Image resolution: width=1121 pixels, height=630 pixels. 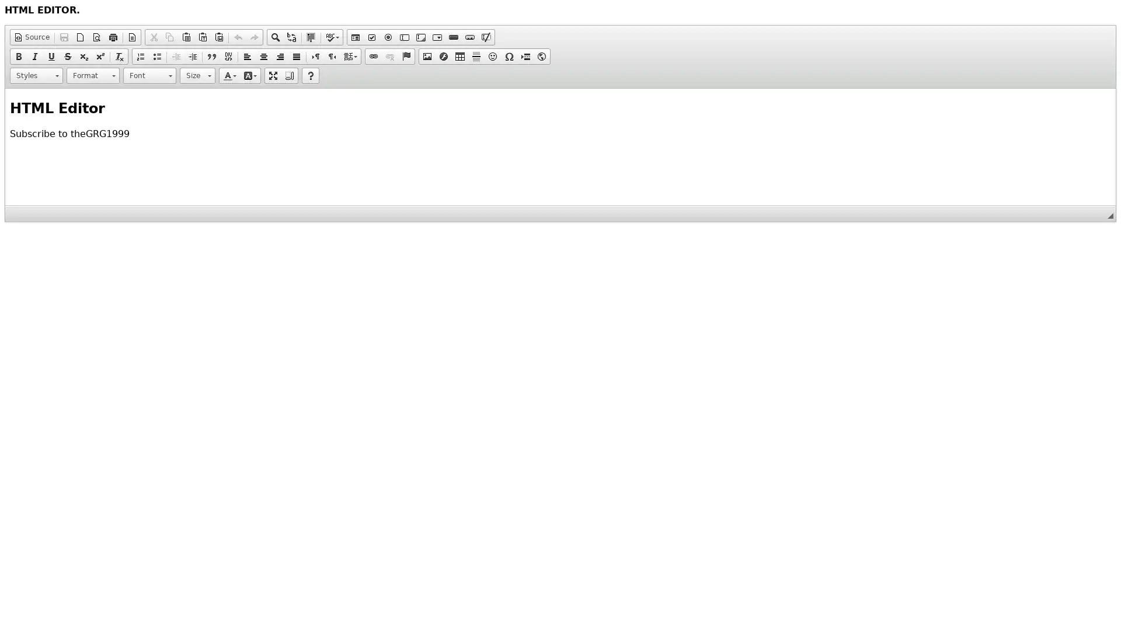 I want to click on Selection Field, so click(x=436, y=37).